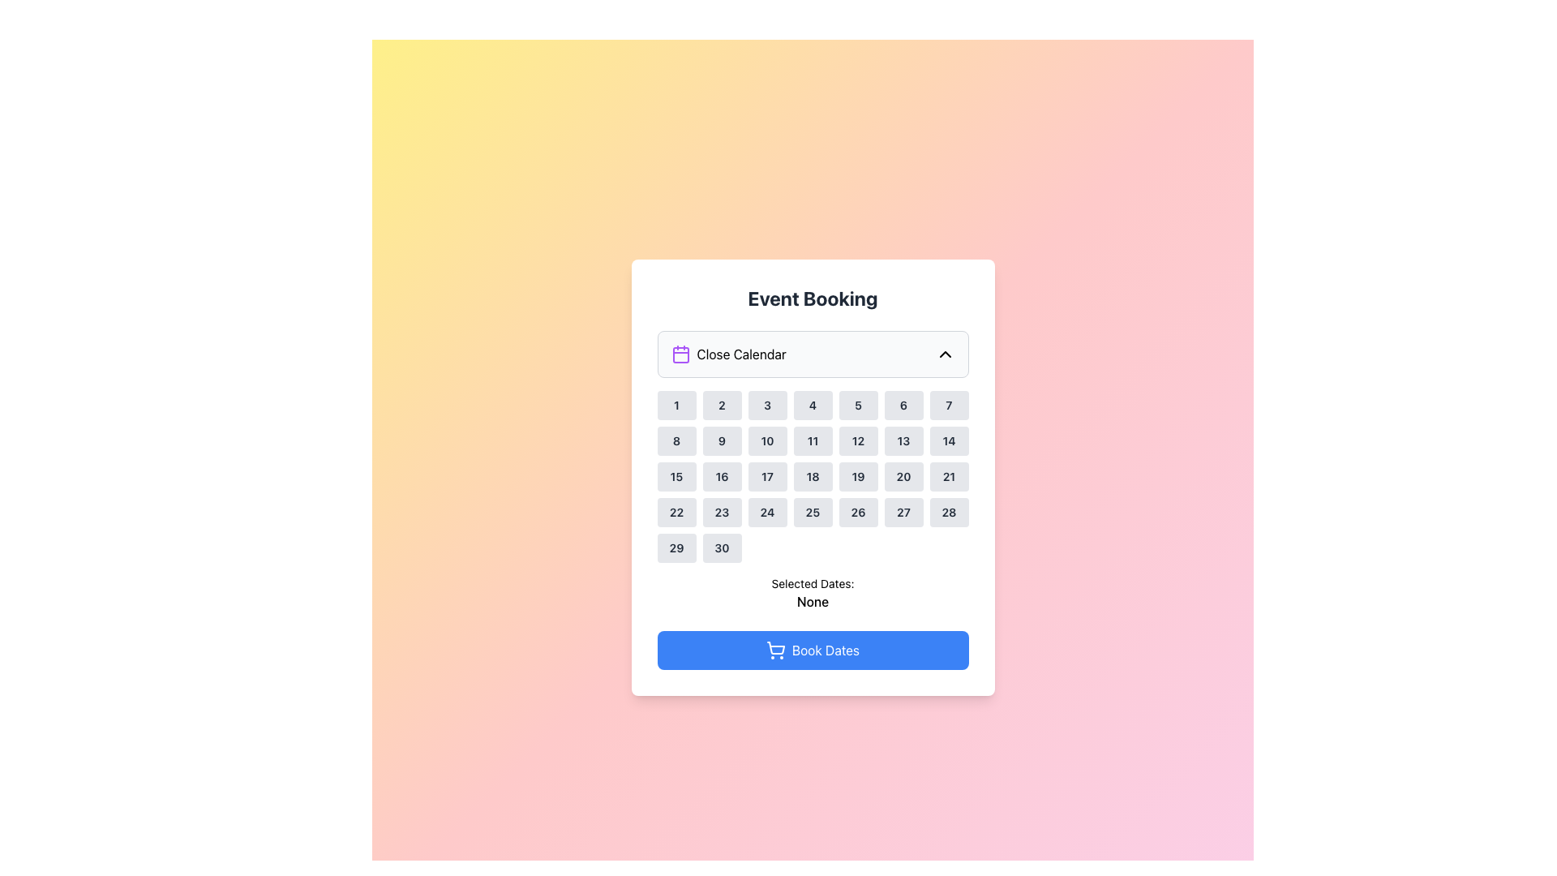 The height and width of the screenshot is (876, 1557). I want to click on the button representing the number '23' in the date selection grid, which is a small rectangular button with a light gray background and dark gray text, so click(721, 513).